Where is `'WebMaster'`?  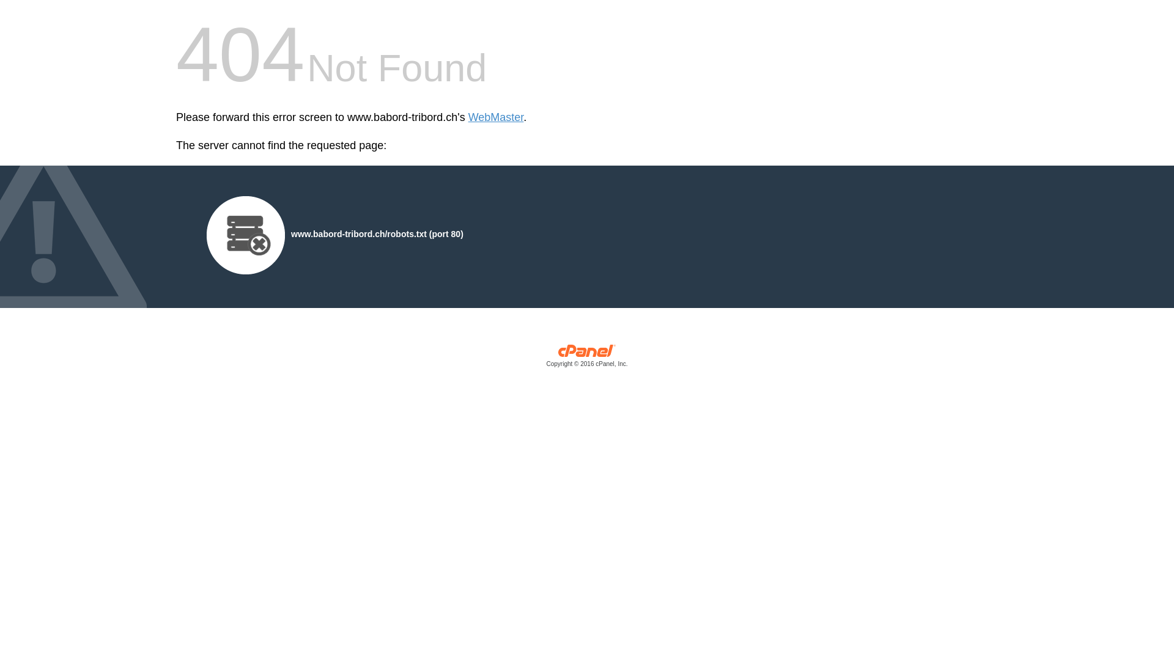
'WebMaster' is located at coordinates (496, 117).